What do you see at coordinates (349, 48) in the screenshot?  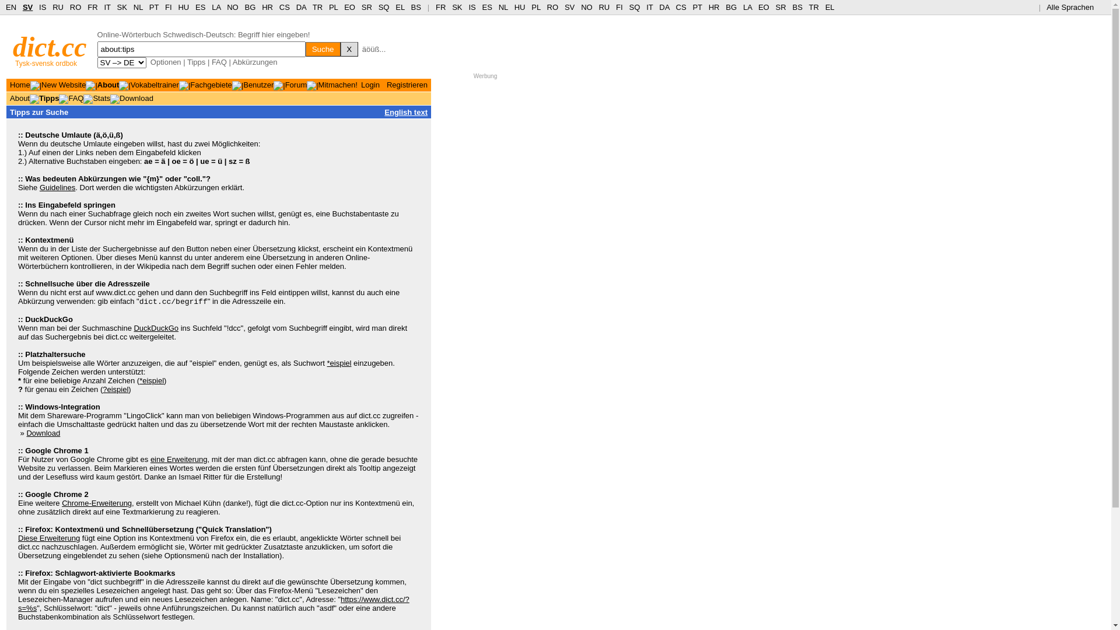 I see `'X'` at bounding box center [349, 48].